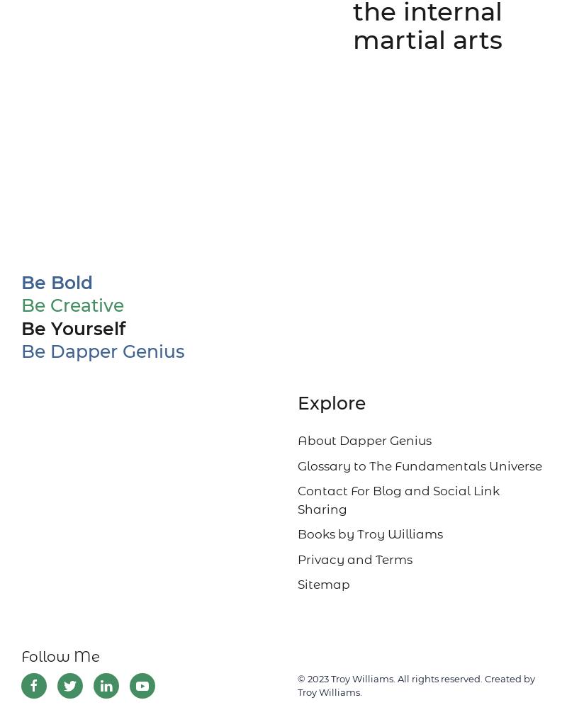 The width and height of the screenshot is (567, 722). Describe the element at coordinates (60, 655) in the screenshot. I see `'Follow Me'` at that location.